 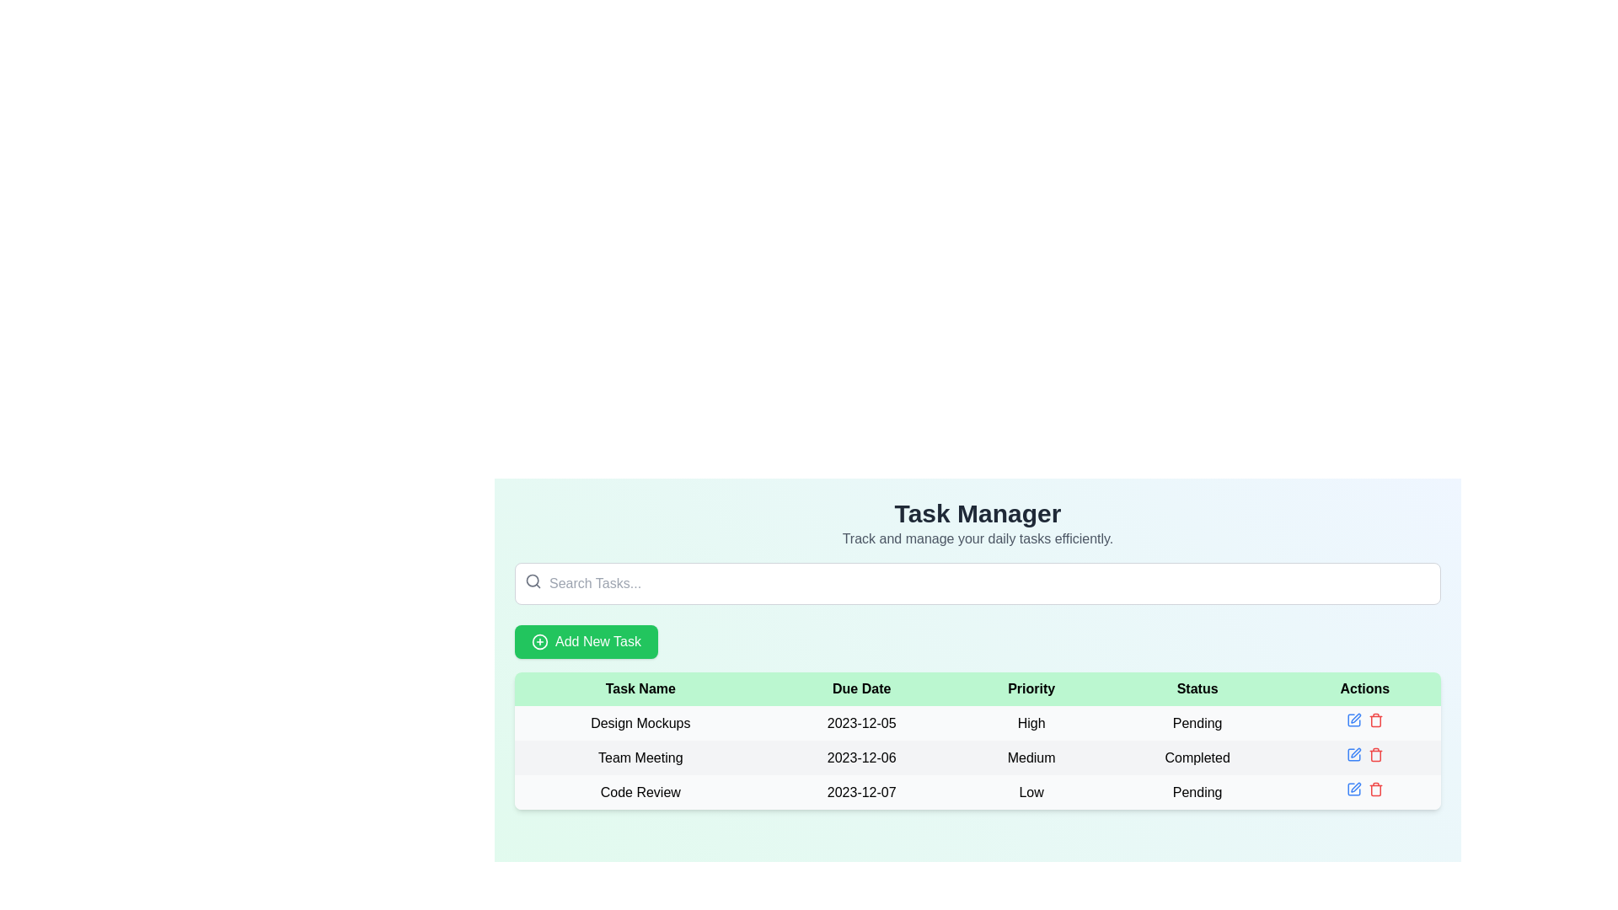 What do you see at coordinates (532, 580) in the screenshot?
I see `the circular graphic representing the lens part of the magnifying glass icon associated with the search input field` at bounding box center [532, 580].